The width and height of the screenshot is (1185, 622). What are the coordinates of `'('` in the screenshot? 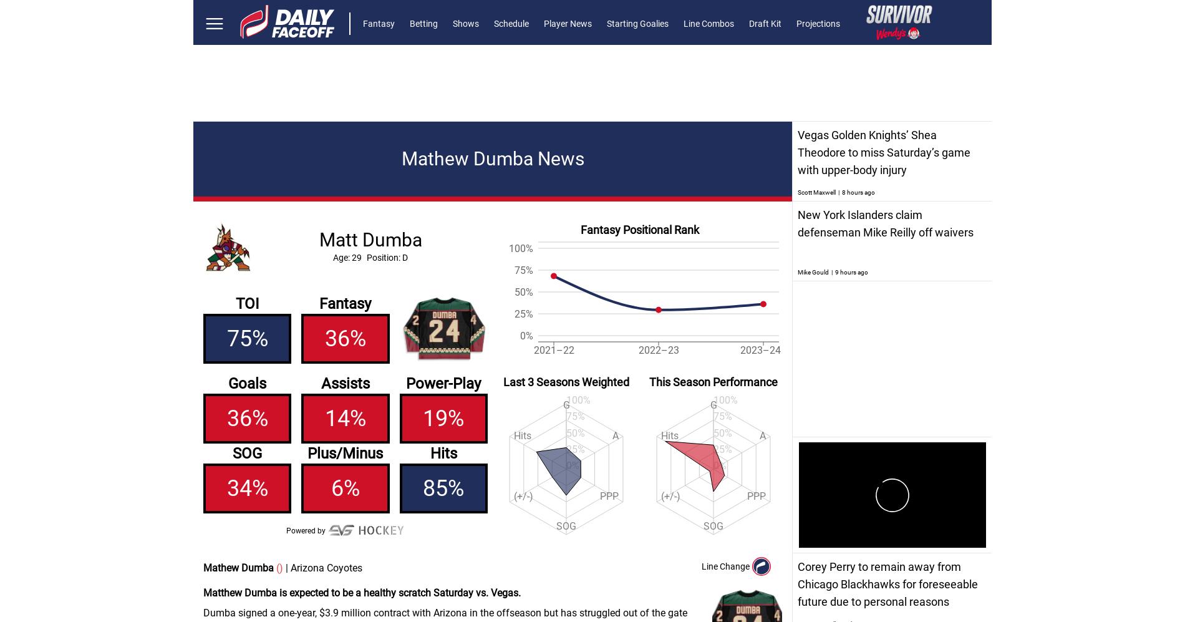 It's located at (276, 568).